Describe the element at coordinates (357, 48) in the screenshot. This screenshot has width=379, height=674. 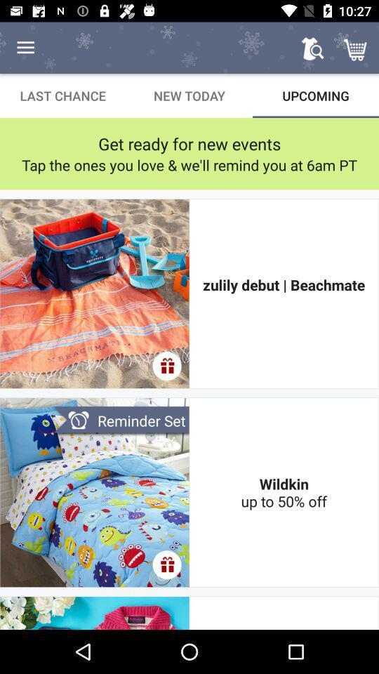
I see `icon above the upcoming item` at that location.